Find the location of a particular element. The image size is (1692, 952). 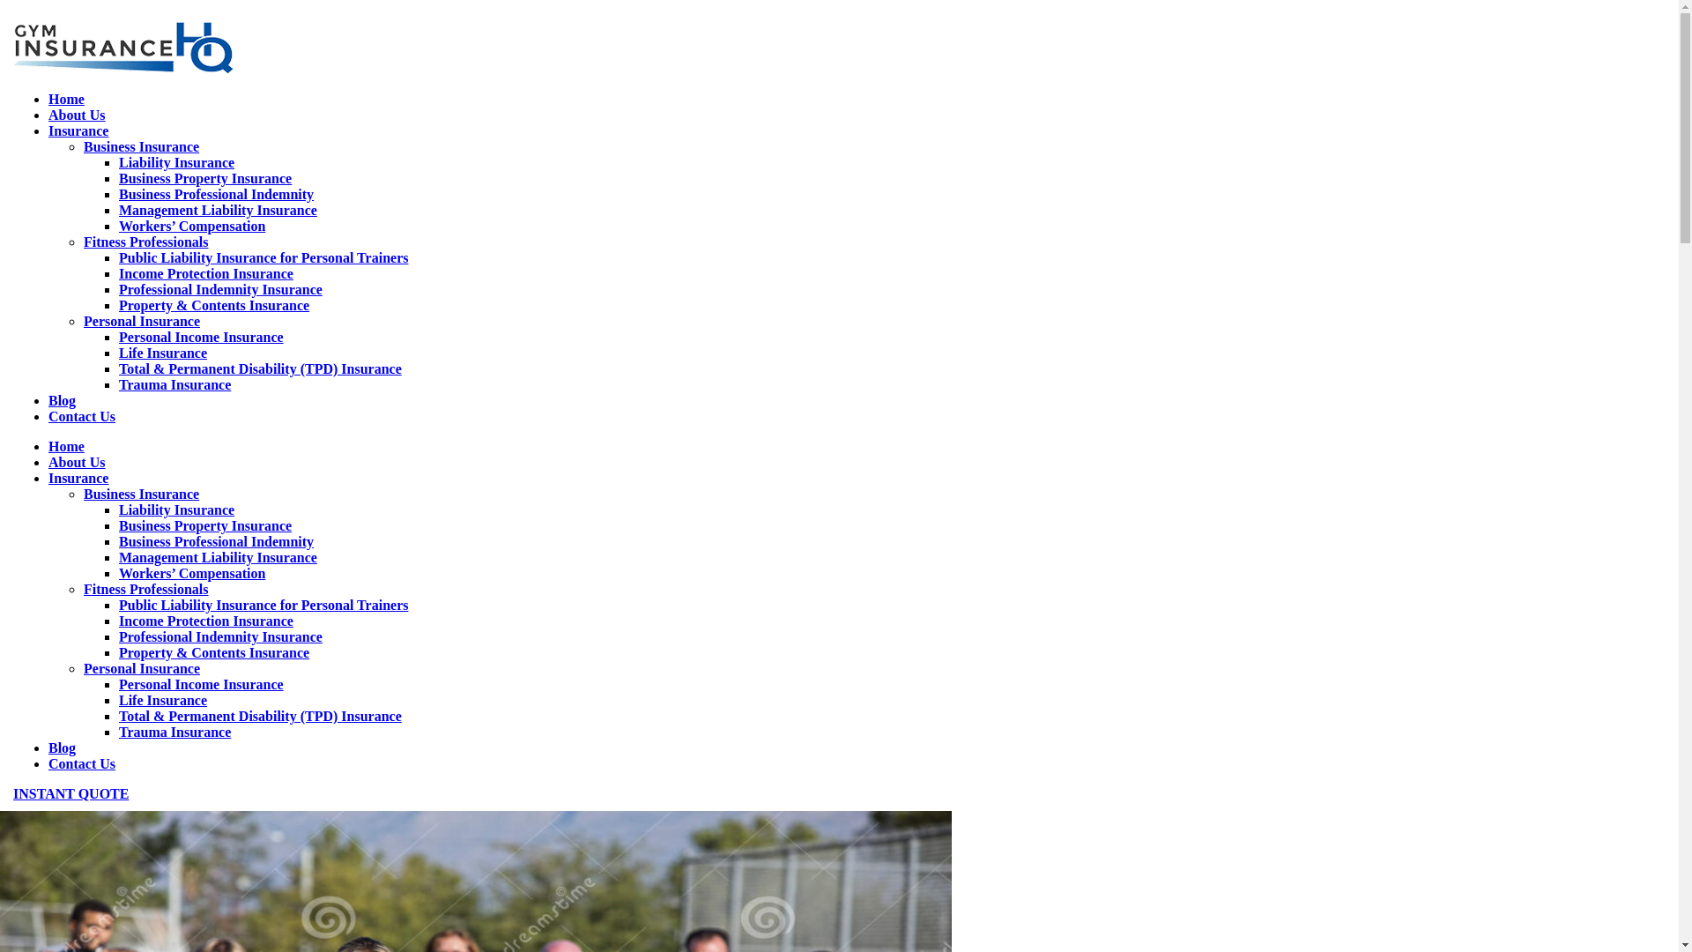

'Insurance' is located at coordinates (78, 478).